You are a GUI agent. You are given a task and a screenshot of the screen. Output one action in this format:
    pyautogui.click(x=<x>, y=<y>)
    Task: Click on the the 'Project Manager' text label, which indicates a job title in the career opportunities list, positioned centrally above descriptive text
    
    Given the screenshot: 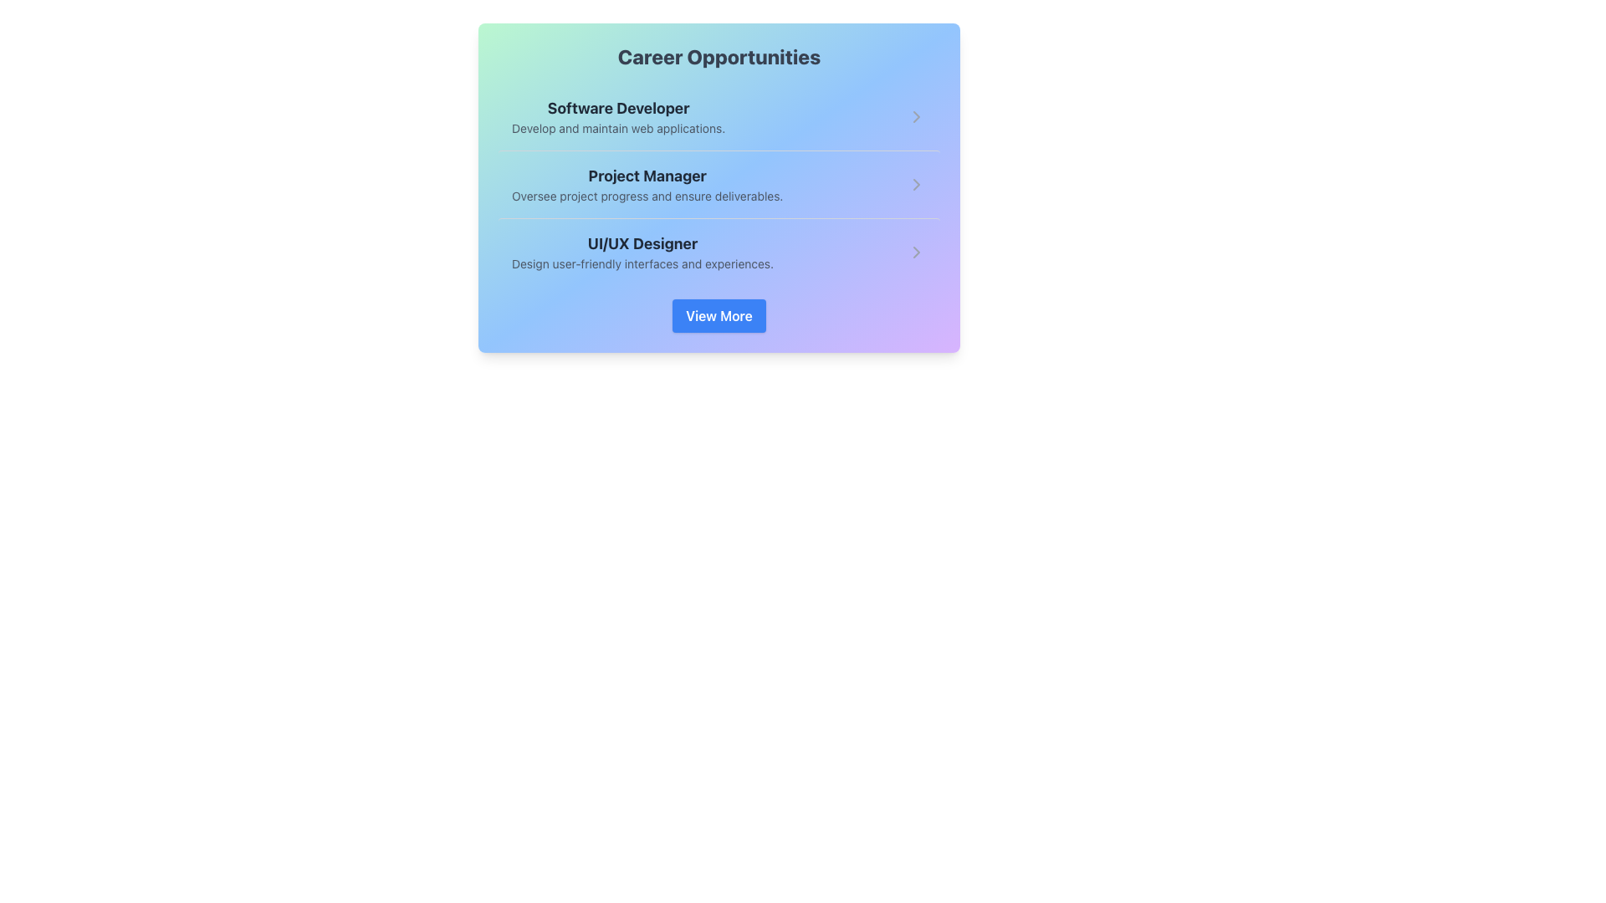 What is the action you would take?
    pyautogui.click(x=647, y=176)
    